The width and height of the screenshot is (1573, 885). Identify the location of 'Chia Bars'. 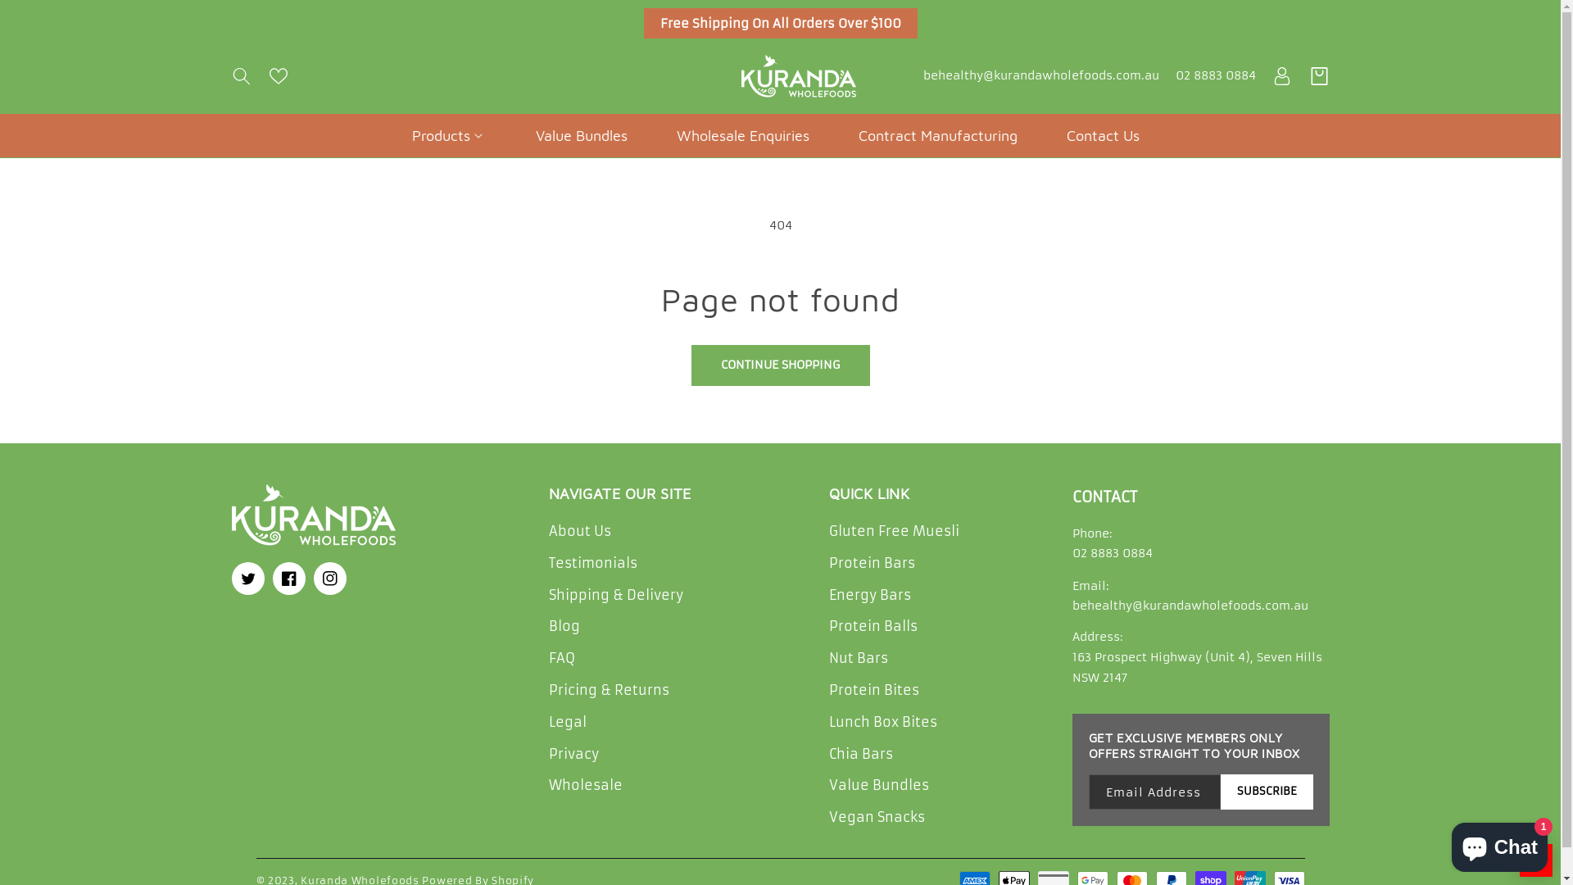
(860, 754).